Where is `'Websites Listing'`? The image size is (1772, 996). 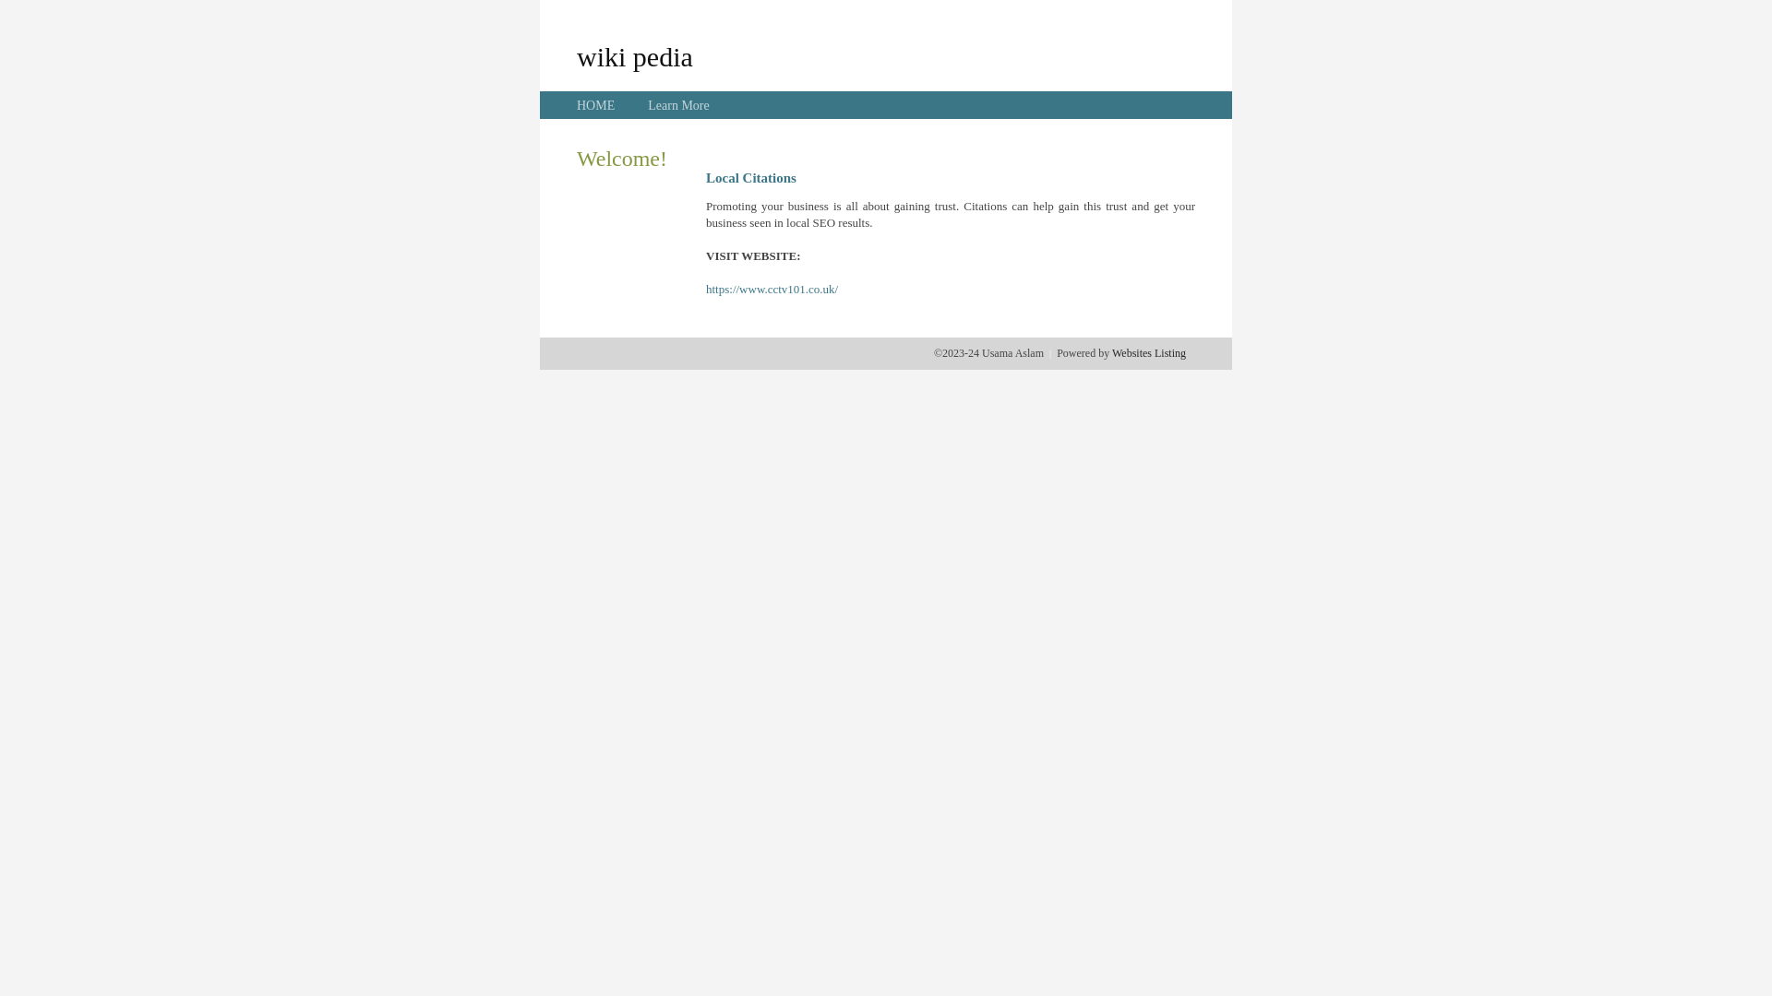 'Websites Listing' is located at coordinates (1147, 352).